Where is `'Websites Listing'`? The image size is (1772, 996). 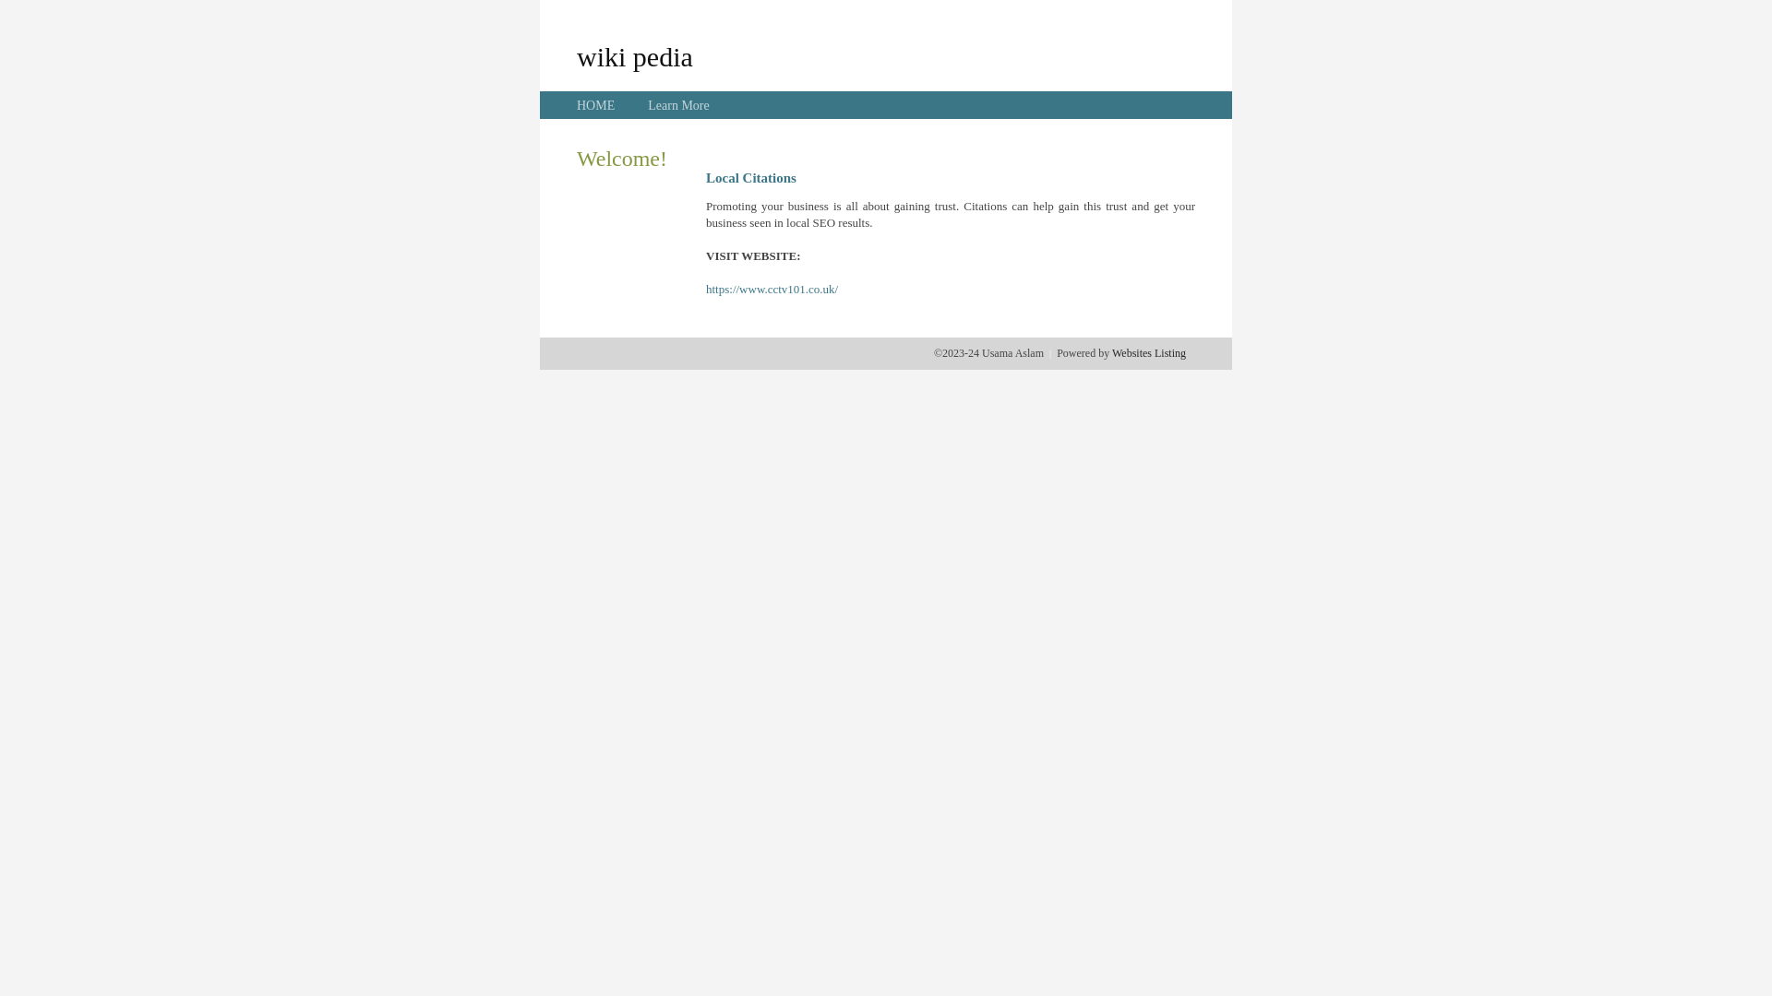 'Websites Listing' is located at coordinates (1147, 352).